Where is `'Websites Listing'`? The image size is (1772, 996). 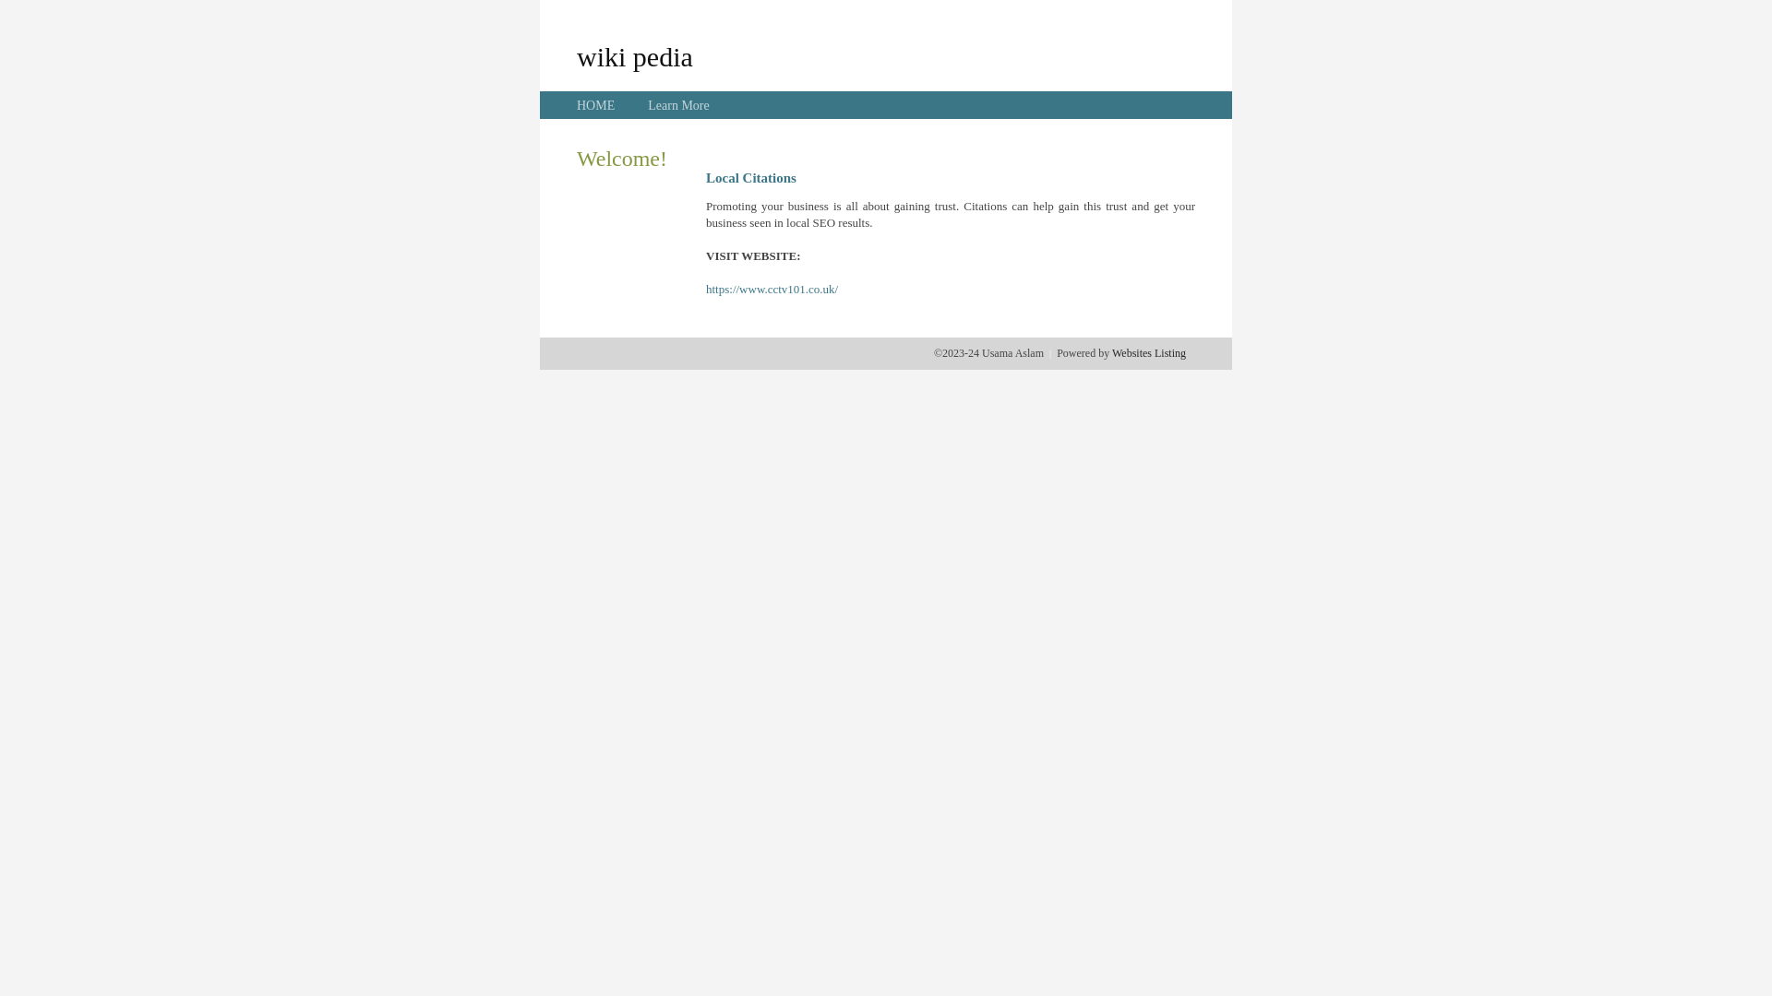 'Websites Listing' is located at coordinates (1147, 352).